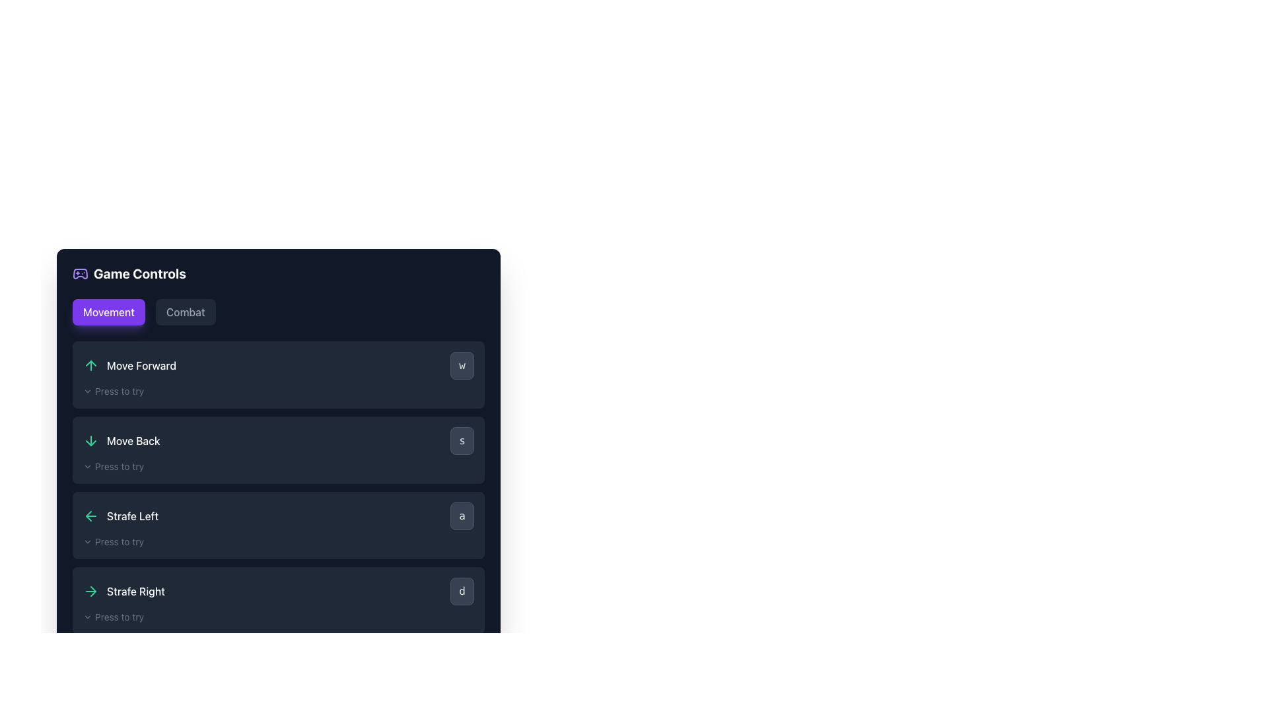  What do you see at coordinates (462, 590) in the screenshot?
I see `the Keybinding Label displaying 'd' for the 'Strafe Right' action` at bounding box center [462, 590].